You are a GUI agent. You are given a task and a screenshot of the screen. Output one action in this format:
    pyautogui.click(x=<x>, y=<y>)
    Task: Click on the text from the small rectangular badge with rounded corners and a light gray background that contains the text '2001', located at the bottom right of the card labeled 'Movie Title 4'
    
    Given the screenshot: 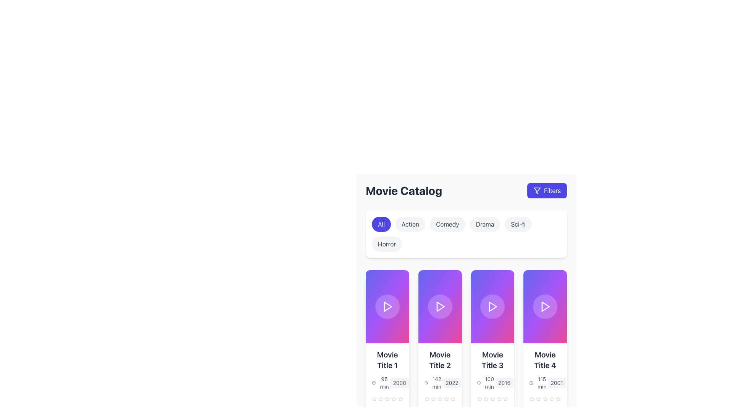 What is the action you would take?
    pyautogui.click(x=557, y=383)
    